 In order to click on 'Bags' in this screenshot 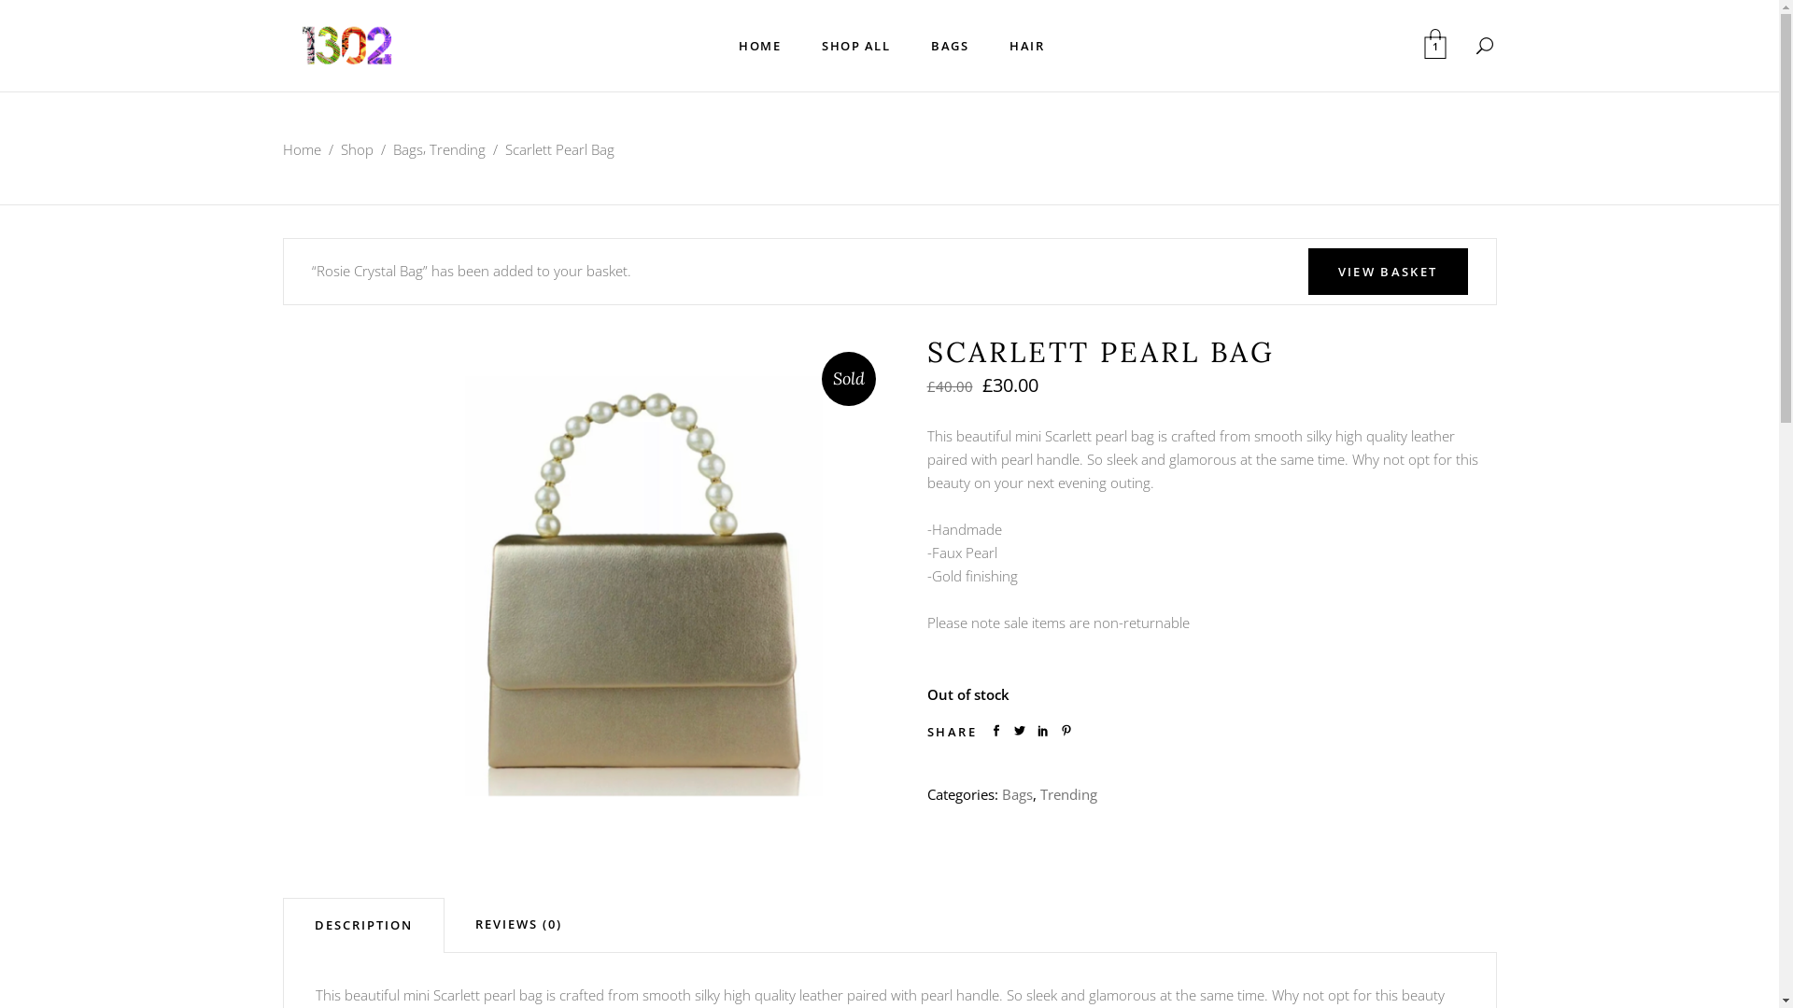, I will do `click(406, 148)`.